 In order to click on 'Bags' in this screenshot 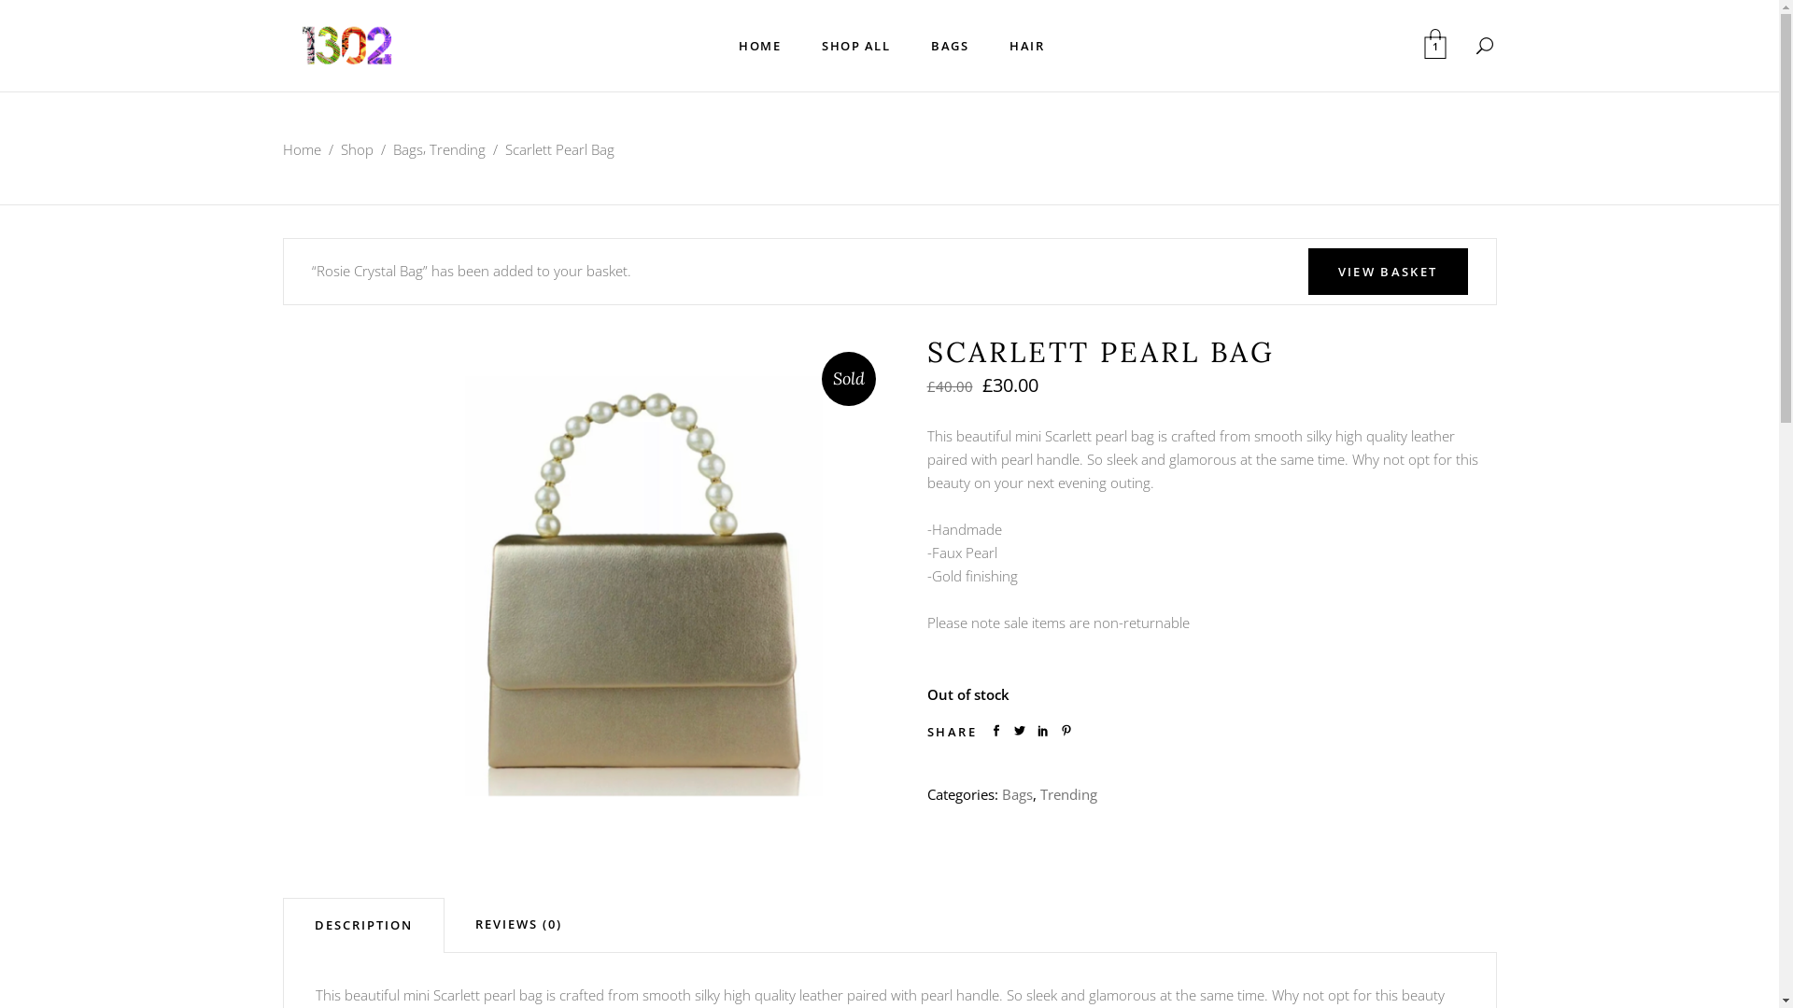, I will do `click(406, 148)`.